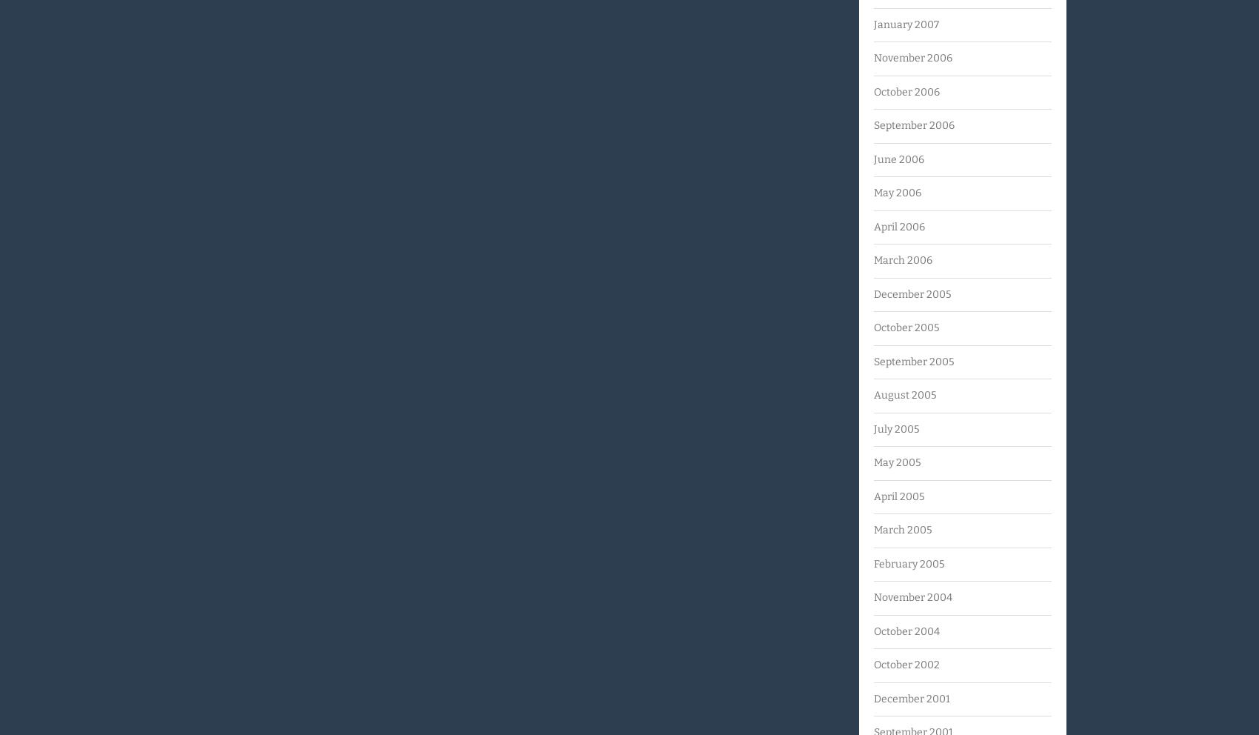  I want to click on 'May 2005', so click(896, 462).